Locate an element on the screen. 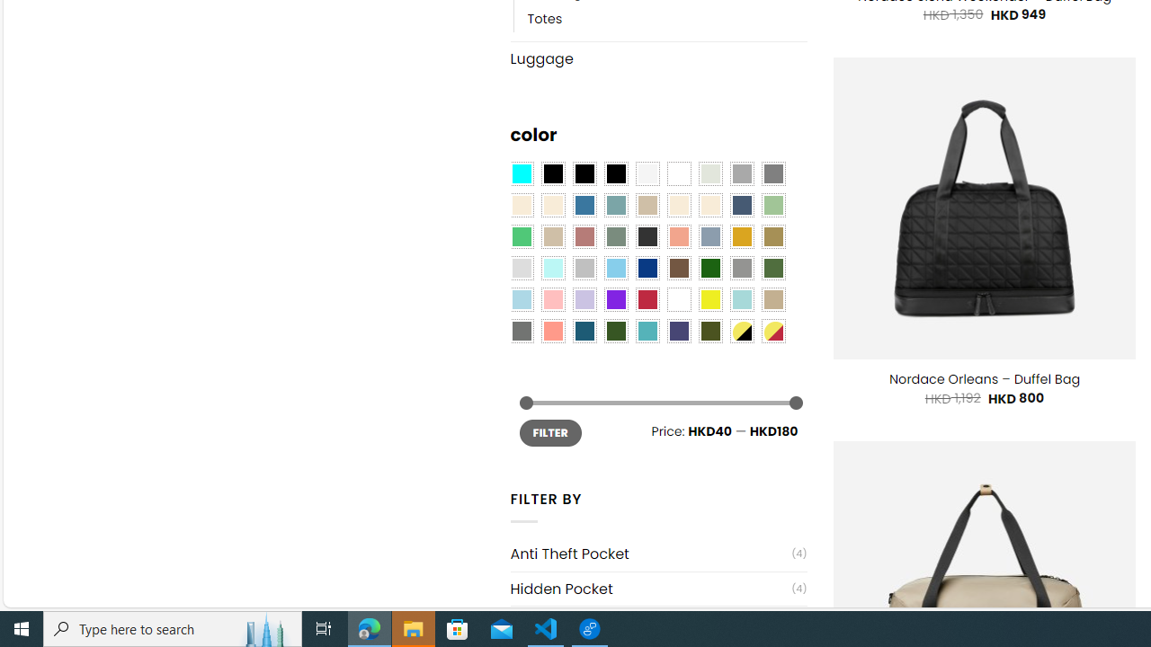  'Dark Gray' is located at coordinates (741, 174).